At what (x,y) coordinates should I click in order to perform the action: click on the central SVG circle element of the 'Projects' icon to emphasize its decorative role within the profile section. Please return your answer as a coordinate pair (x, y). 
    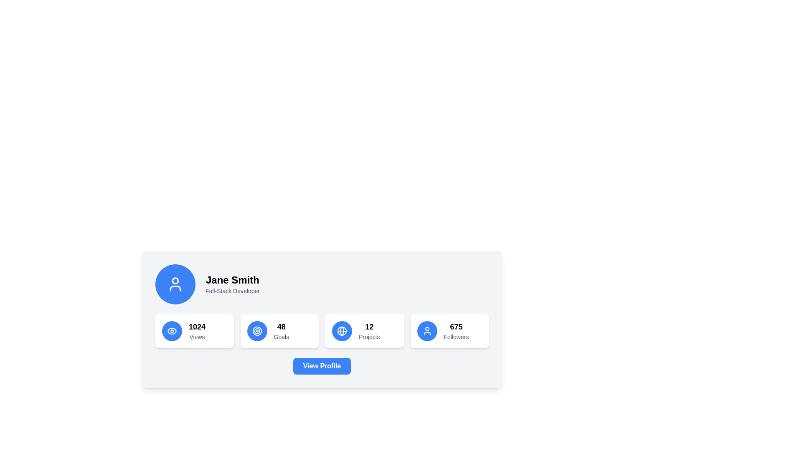
    Looking at the image, I should click on (342, 331).